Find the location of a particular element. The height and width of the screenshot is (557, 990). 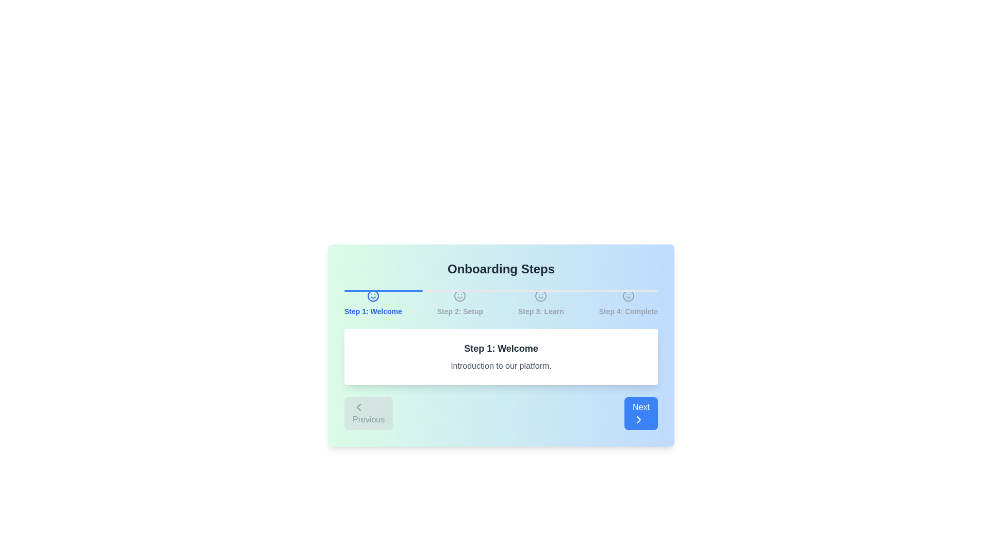

the circular component of the progress indicator for 'Step 4: Complete' in the onboarding process, located at the right end of the progress indicator section is located at coordinates (628, 296).